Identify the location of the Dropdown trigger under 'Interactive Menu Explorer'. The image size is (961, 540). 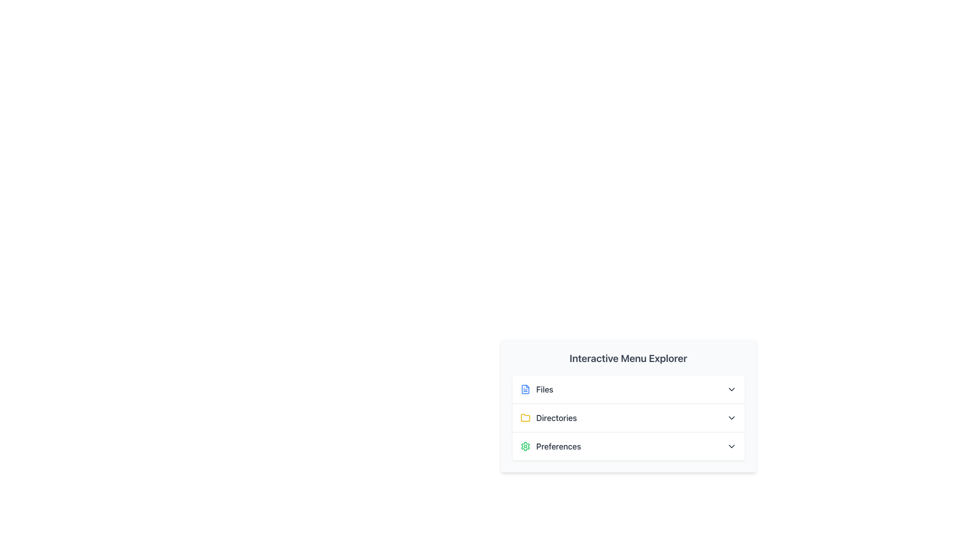
(628, 446).